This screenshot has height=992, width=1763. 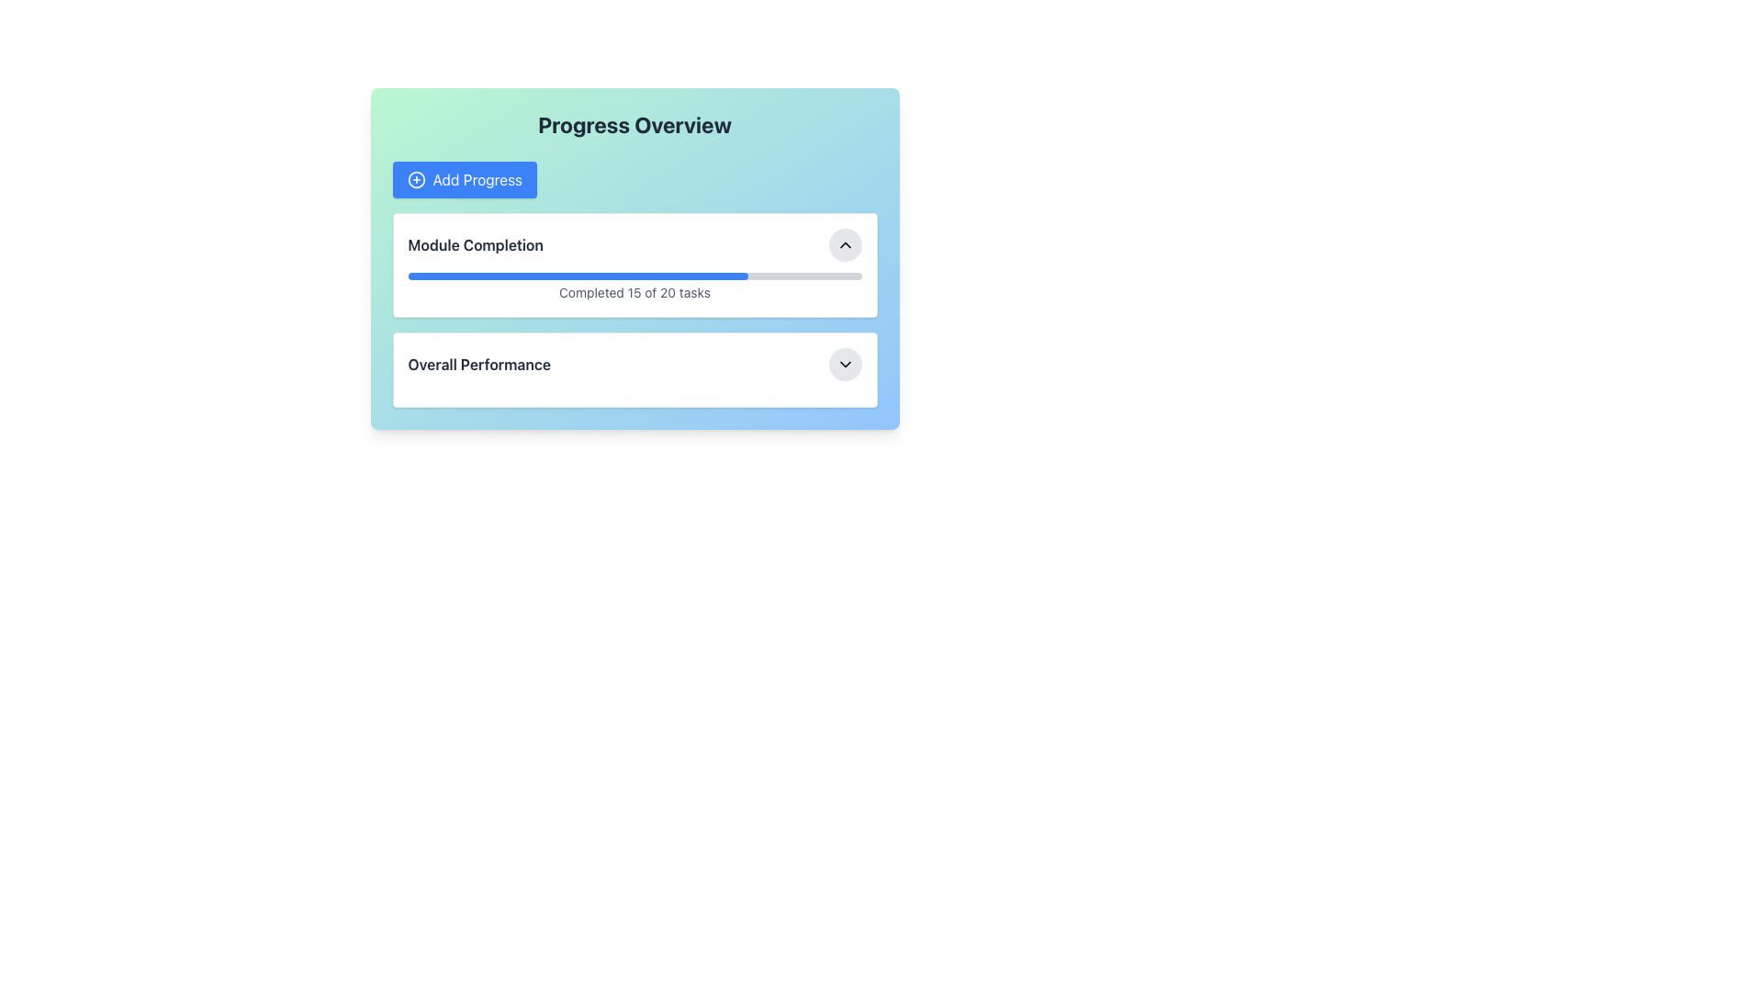 What do you see at coordinates (844, 365) in the screenshot?
I see `the downward chevron icon inside the rounded rectangular button on the right end of the 'Overall Performance' section bar` at bounding box center [844, 365].